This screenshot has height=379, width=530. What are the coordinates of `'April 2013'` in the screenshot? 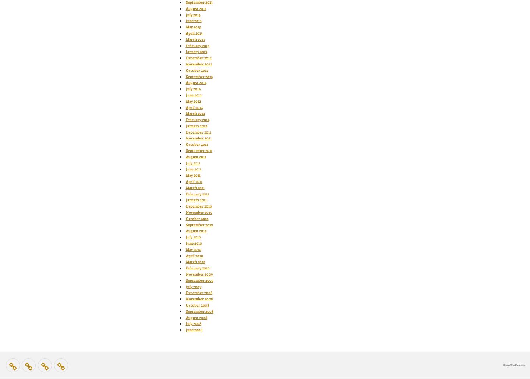 It's located at (194, 32).